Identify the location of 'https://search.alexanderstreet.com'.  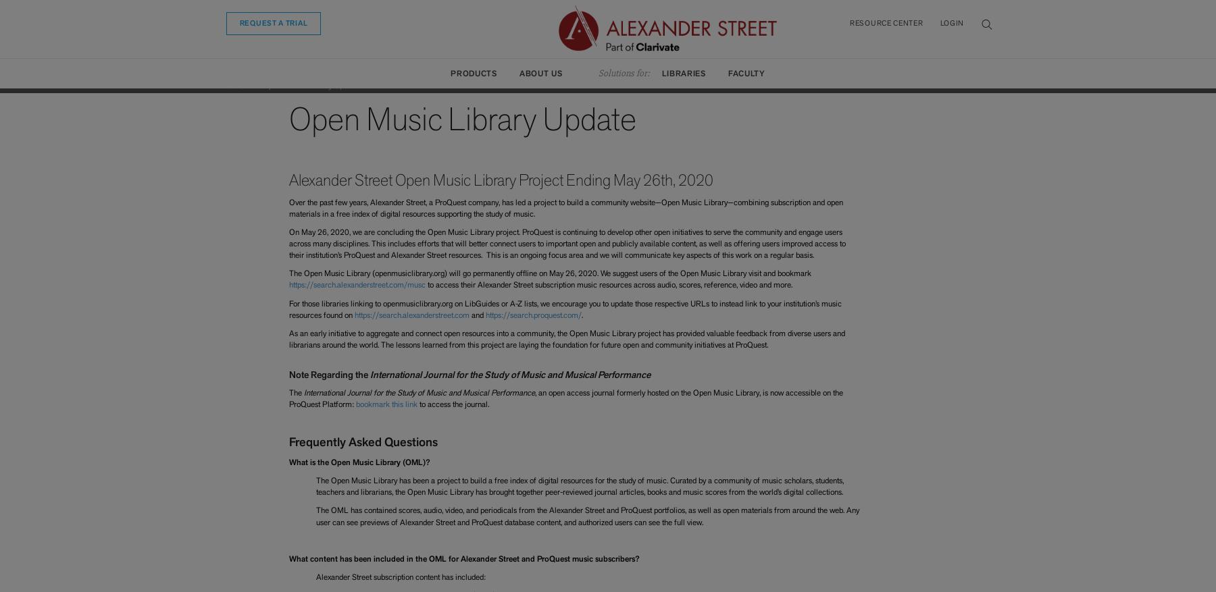
(353, 315).